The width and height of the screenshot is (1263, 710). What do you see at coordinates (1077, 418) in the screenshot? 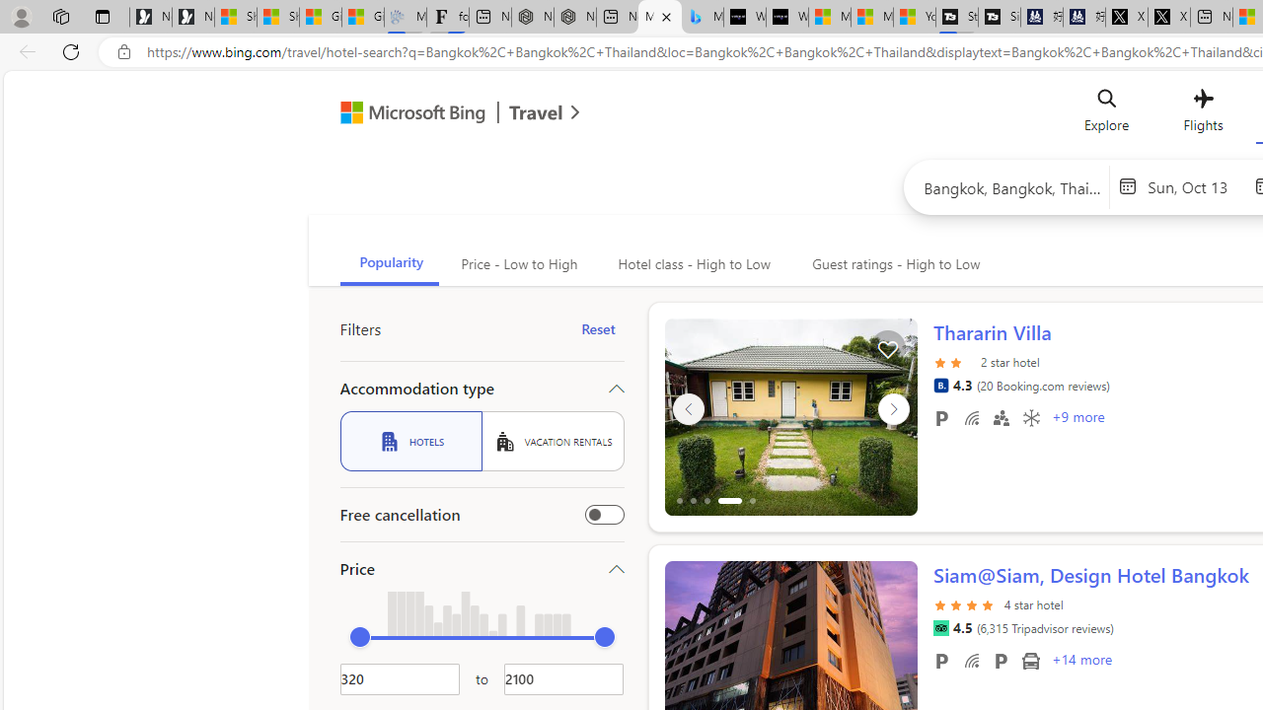
I see `'+9 More Amenities'` at bounding box center [1077, 418].